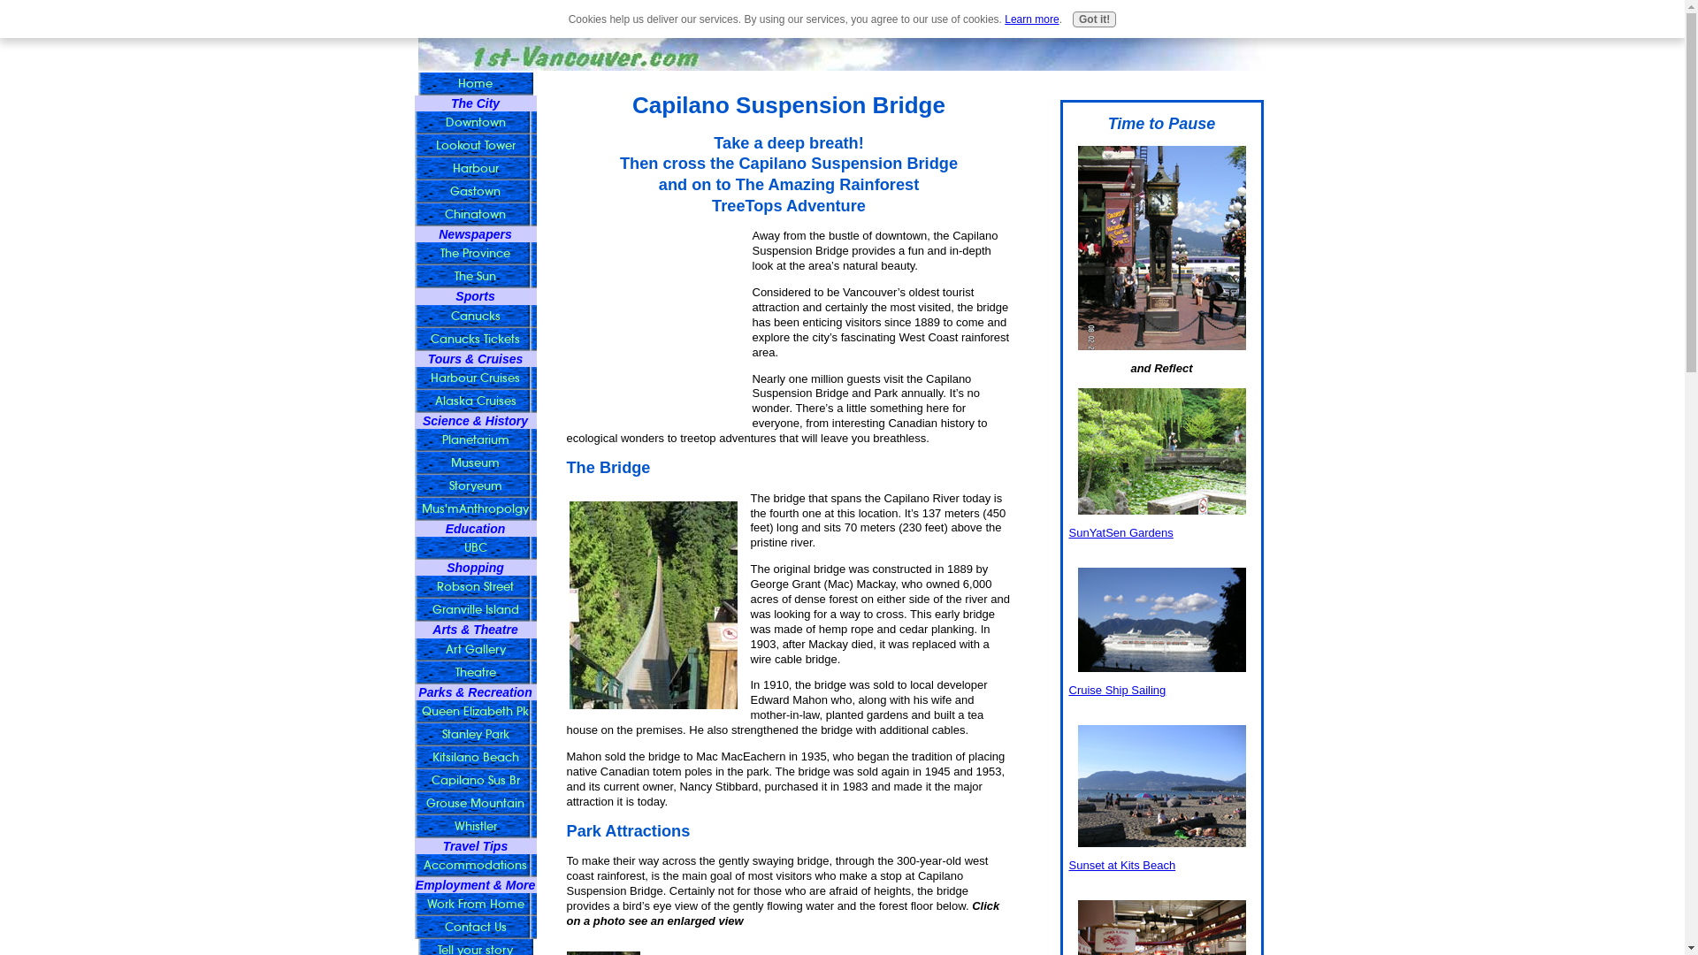 Image resolution: width=1698 pixels, height=955 pixels. I want to click on 'Harbour', so click(475, 169).